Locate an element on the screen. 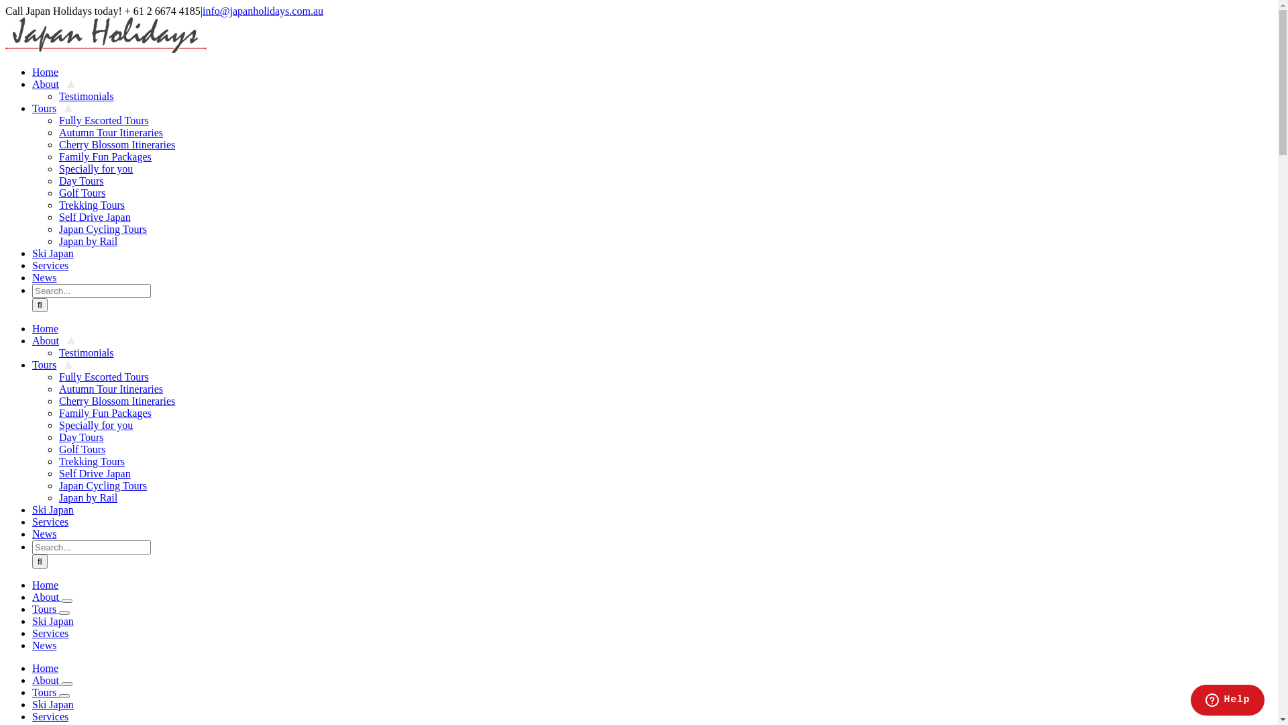 The width and height of the screenshot is (1288, 725). 'About' is located at coordinates (54, 84).